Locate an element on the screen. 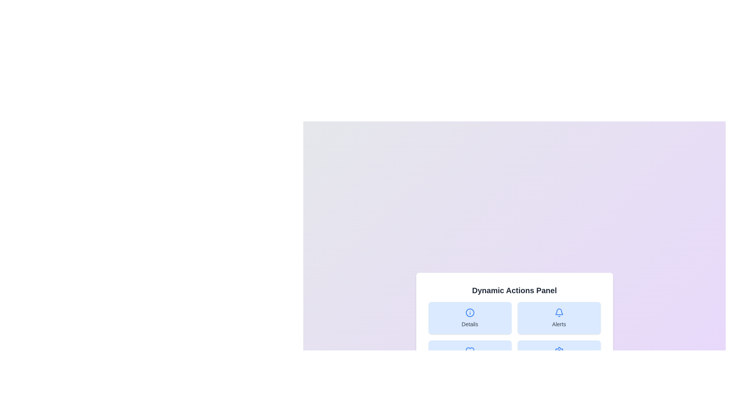 The image size is (738, 415). the 'Details' icon which is centrally located within the 'Details' card in the top-left quadrant of the grid under the 'Dynamic Actions Panel' is located at coordinates (469, 312).